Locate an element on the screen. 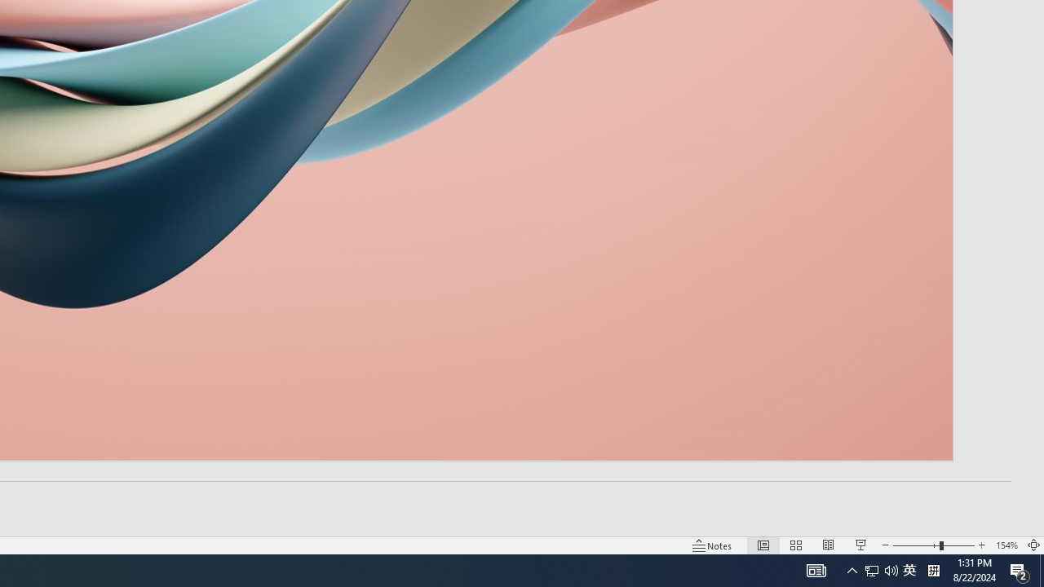 The width and height of the screenshot is (1044, 587). 'Zoom 154%' is located at coordinates (1006, 545).